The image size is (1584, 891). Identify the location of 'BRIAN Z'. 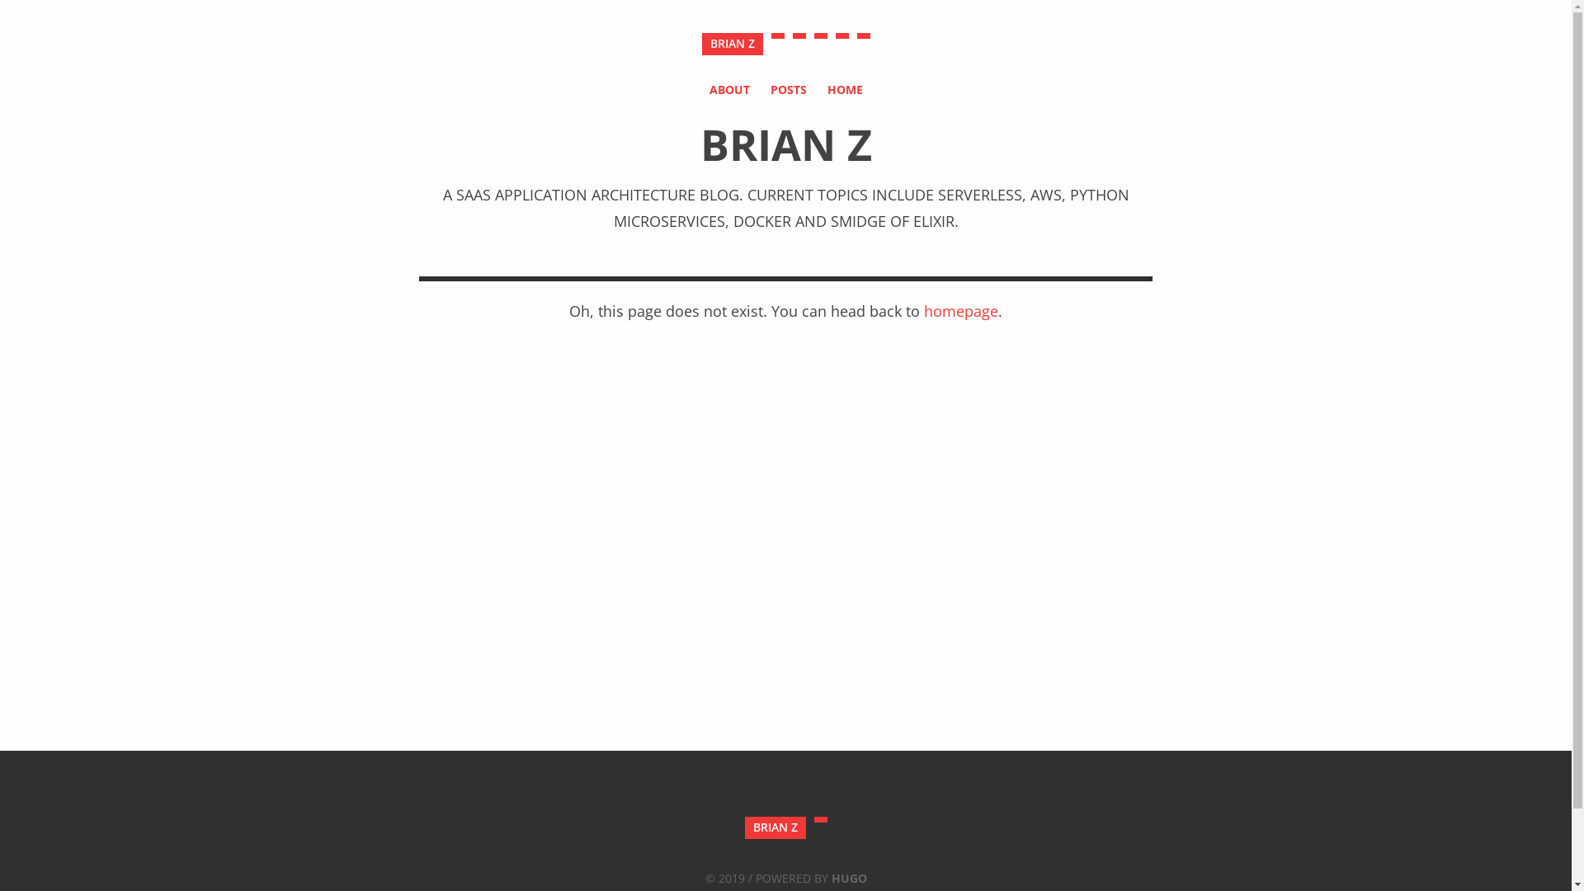
(700, 43).